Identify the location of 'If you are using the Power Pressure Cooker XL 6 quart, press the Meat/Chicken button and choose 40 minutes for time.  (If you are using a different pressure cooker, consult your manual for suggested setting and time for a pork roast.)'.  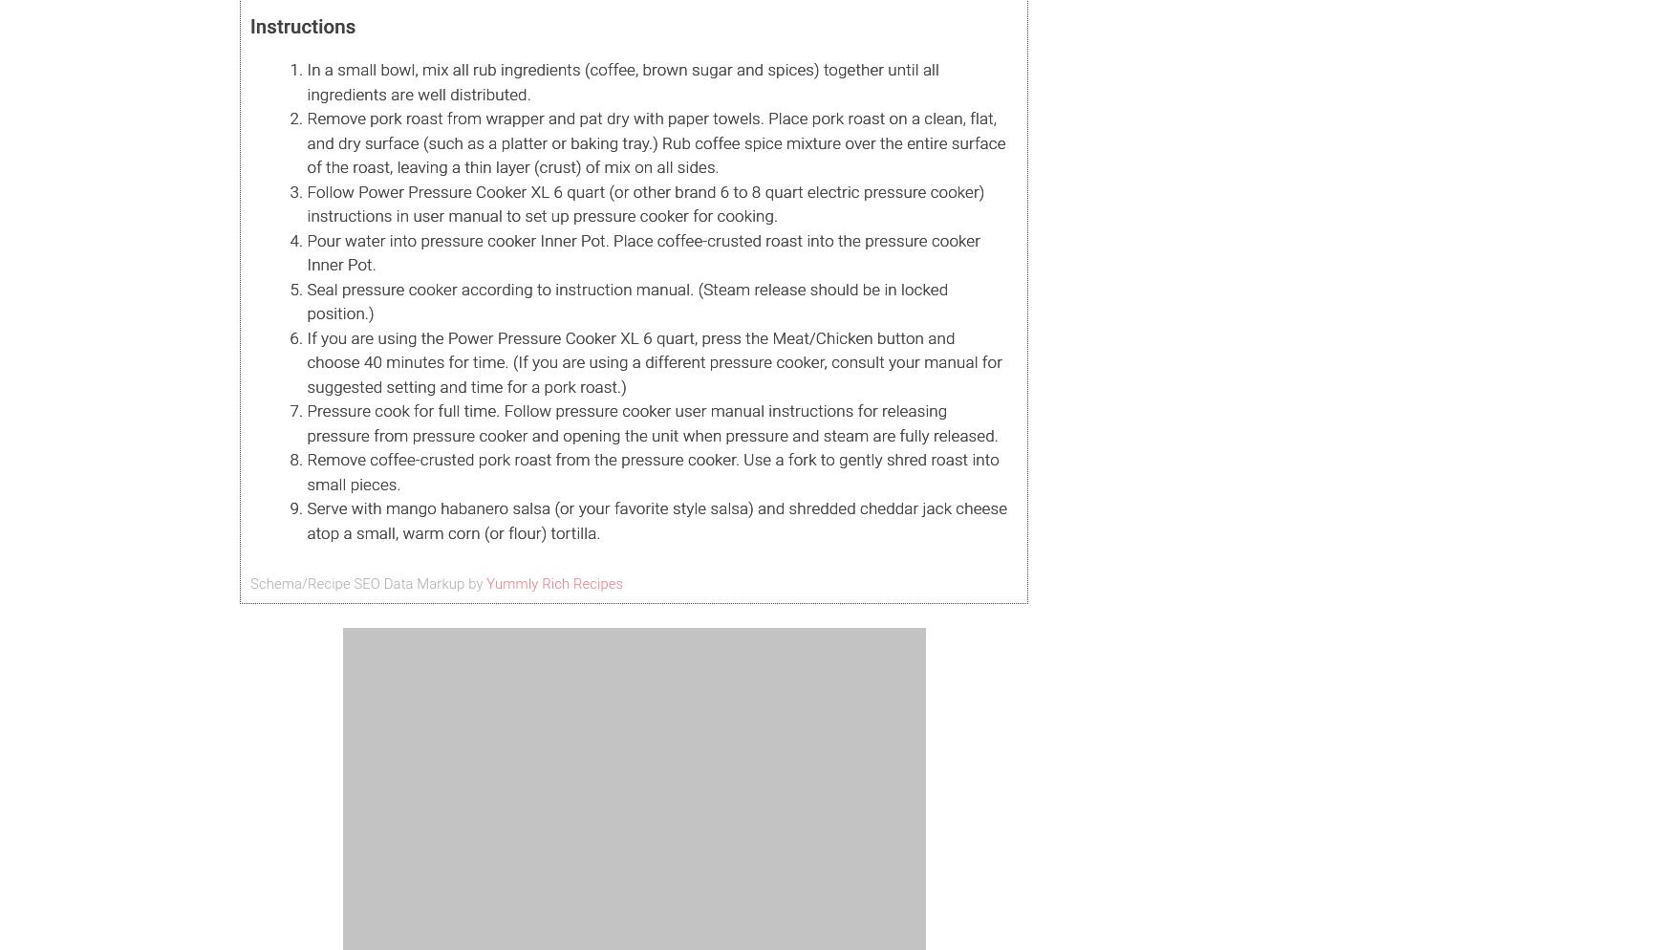
(654, 361).